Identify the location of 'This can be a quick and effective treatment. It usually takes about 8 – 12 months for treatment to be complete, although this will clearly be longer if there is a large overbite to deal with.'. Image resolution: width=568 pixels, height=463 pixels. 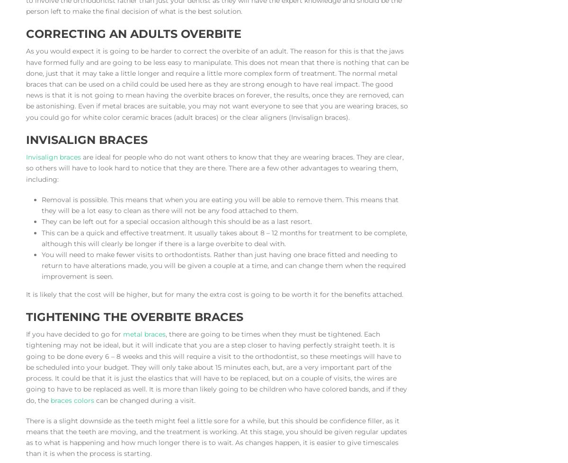
(223, 238).